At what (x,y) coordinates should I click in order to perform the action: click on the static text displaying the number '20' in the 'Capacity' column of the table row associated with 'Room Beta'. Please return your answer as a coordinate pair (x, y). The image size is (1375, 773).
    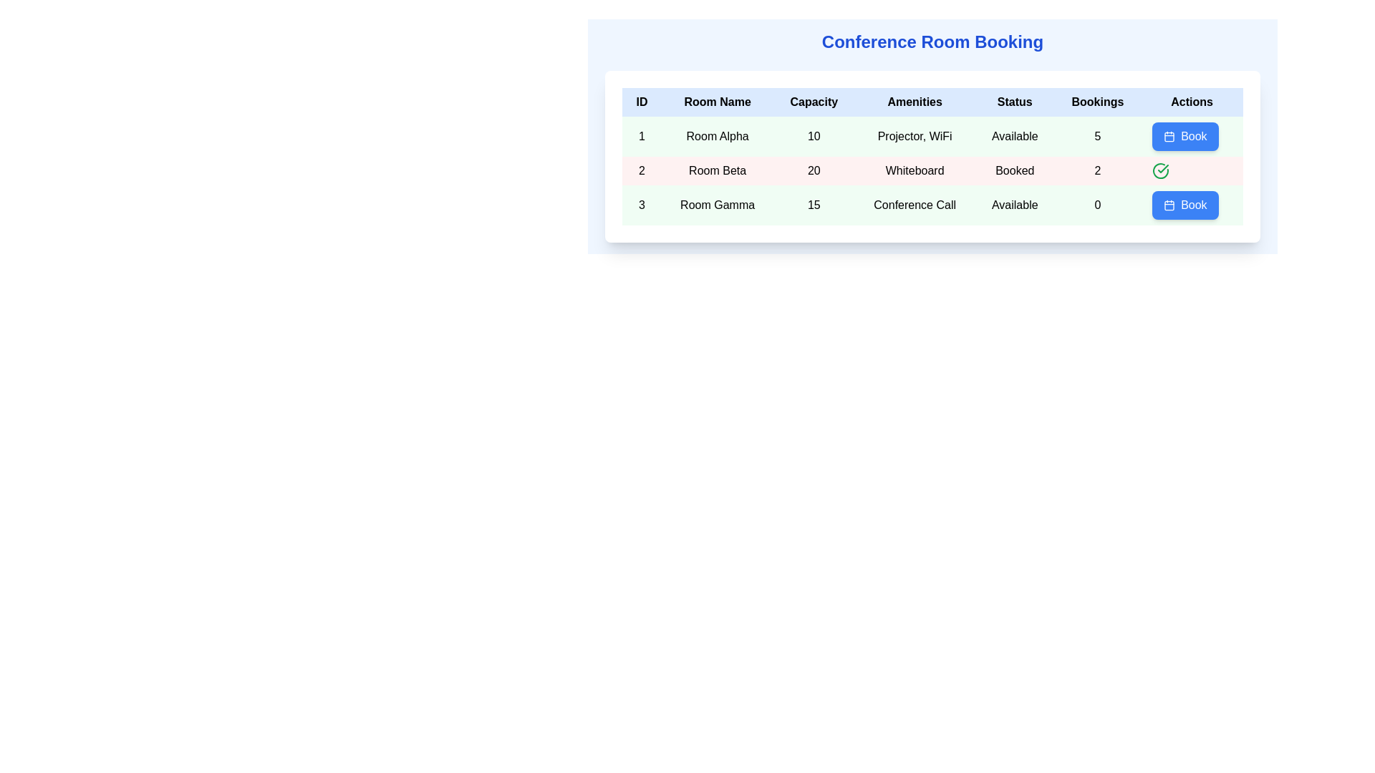
    Looking at the image, I should click on (814, 170).